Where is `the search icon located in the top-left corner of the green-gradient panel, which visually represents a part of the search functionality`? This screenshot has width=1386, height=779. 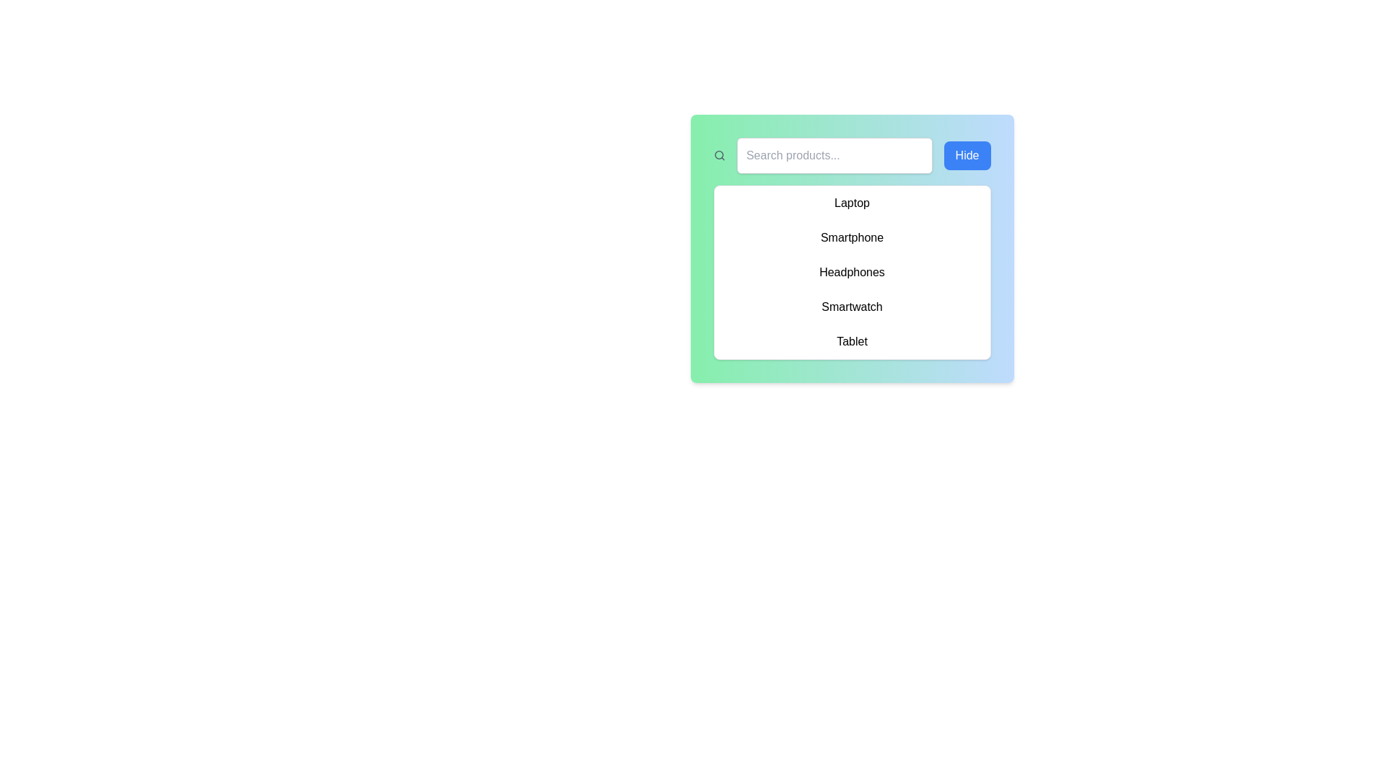
the search icon located in the top-left corner of the green-gradient panel, which visually represents a part of the search functionality is located at coordinates (719, 155).